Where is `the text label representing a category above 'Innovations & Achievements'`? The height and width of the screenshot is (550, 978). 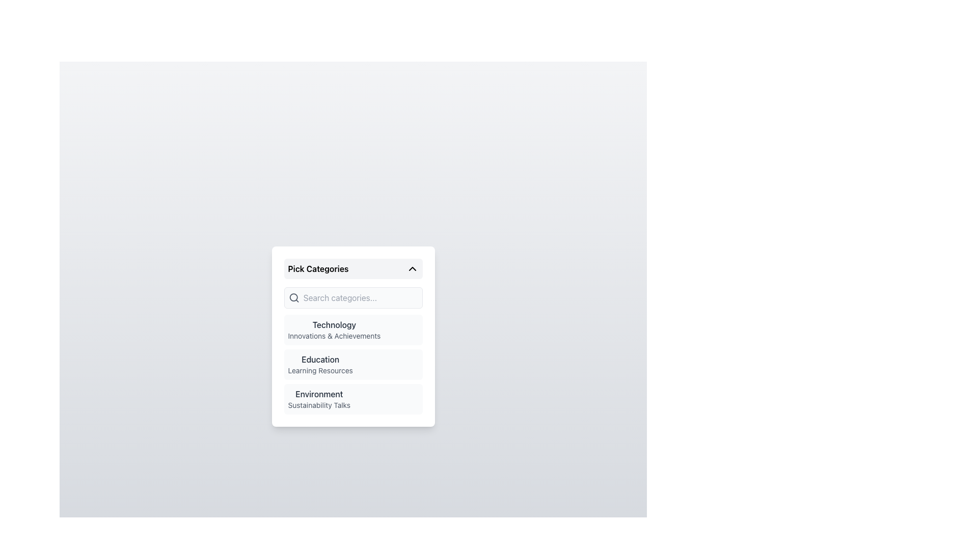 the text label representing a category above 'Innovations & Achievements' is located at coordinates (334, 324).